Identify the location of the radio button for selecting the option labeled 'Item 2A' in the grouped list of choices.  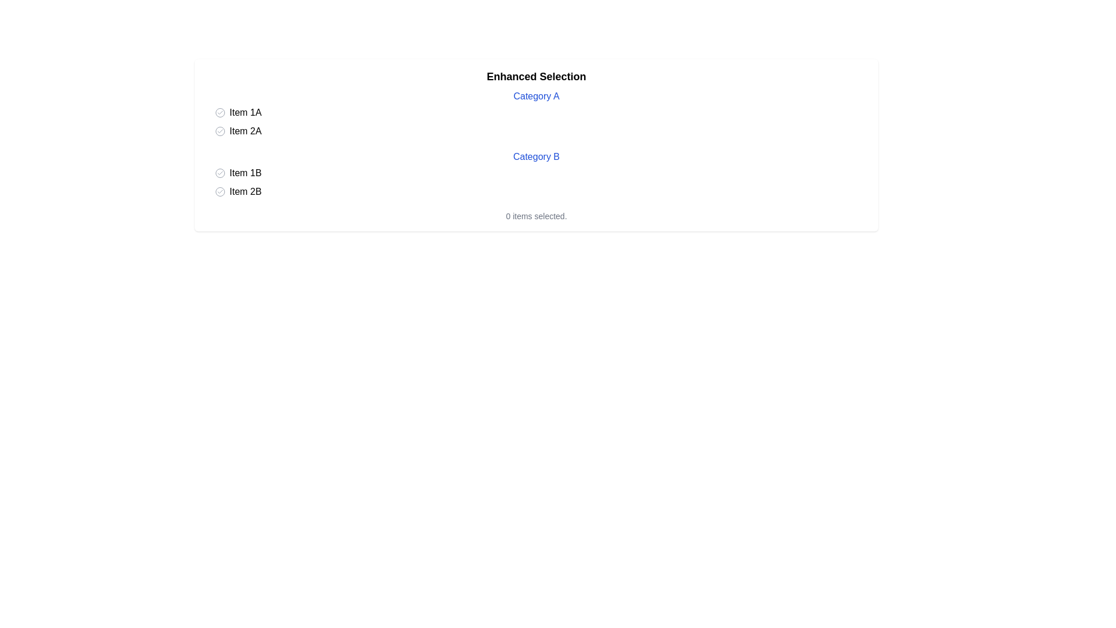
(220, 131).